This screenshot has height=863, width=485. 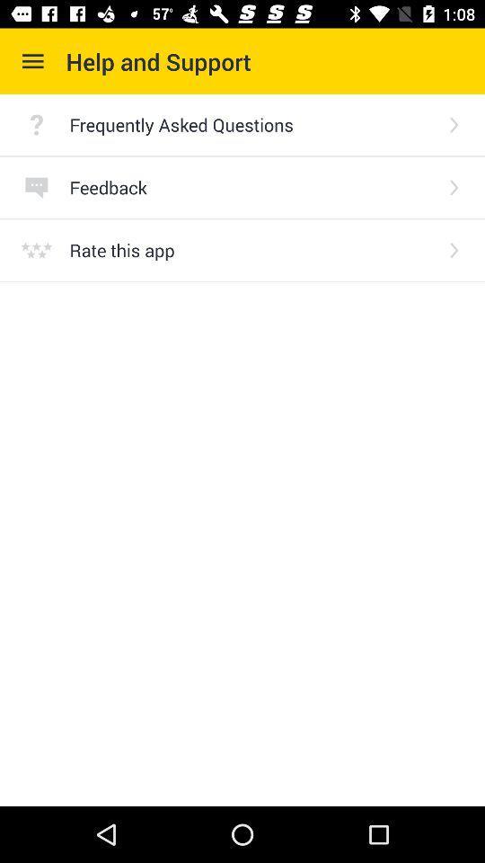 I want to click on the feedback item, so click(x=251, y=187).